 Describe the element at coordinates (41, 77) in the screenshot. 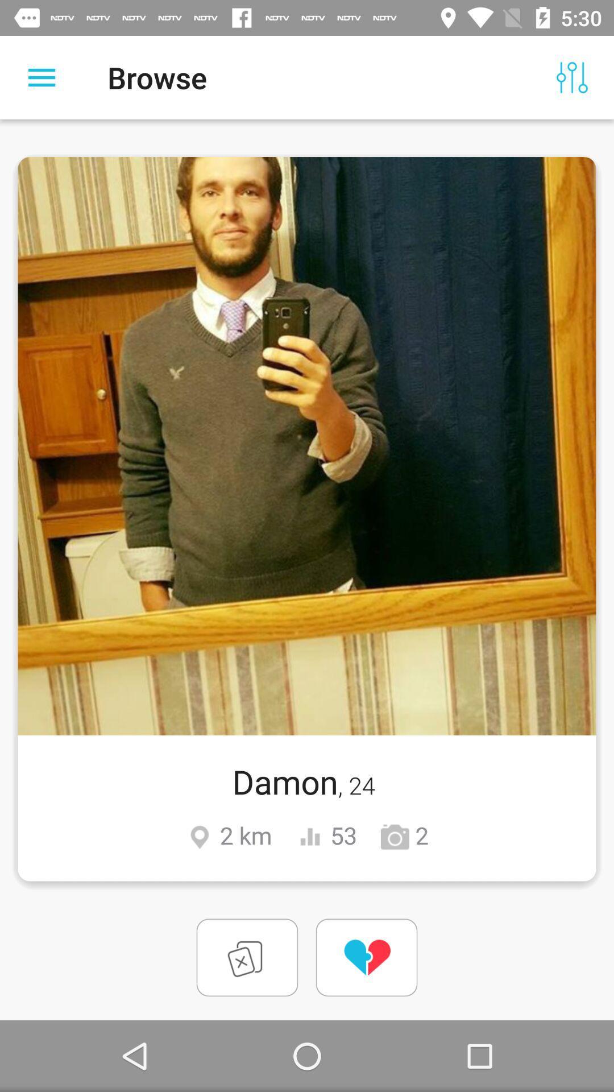

I see `item to the left of the browse icon` at that location.